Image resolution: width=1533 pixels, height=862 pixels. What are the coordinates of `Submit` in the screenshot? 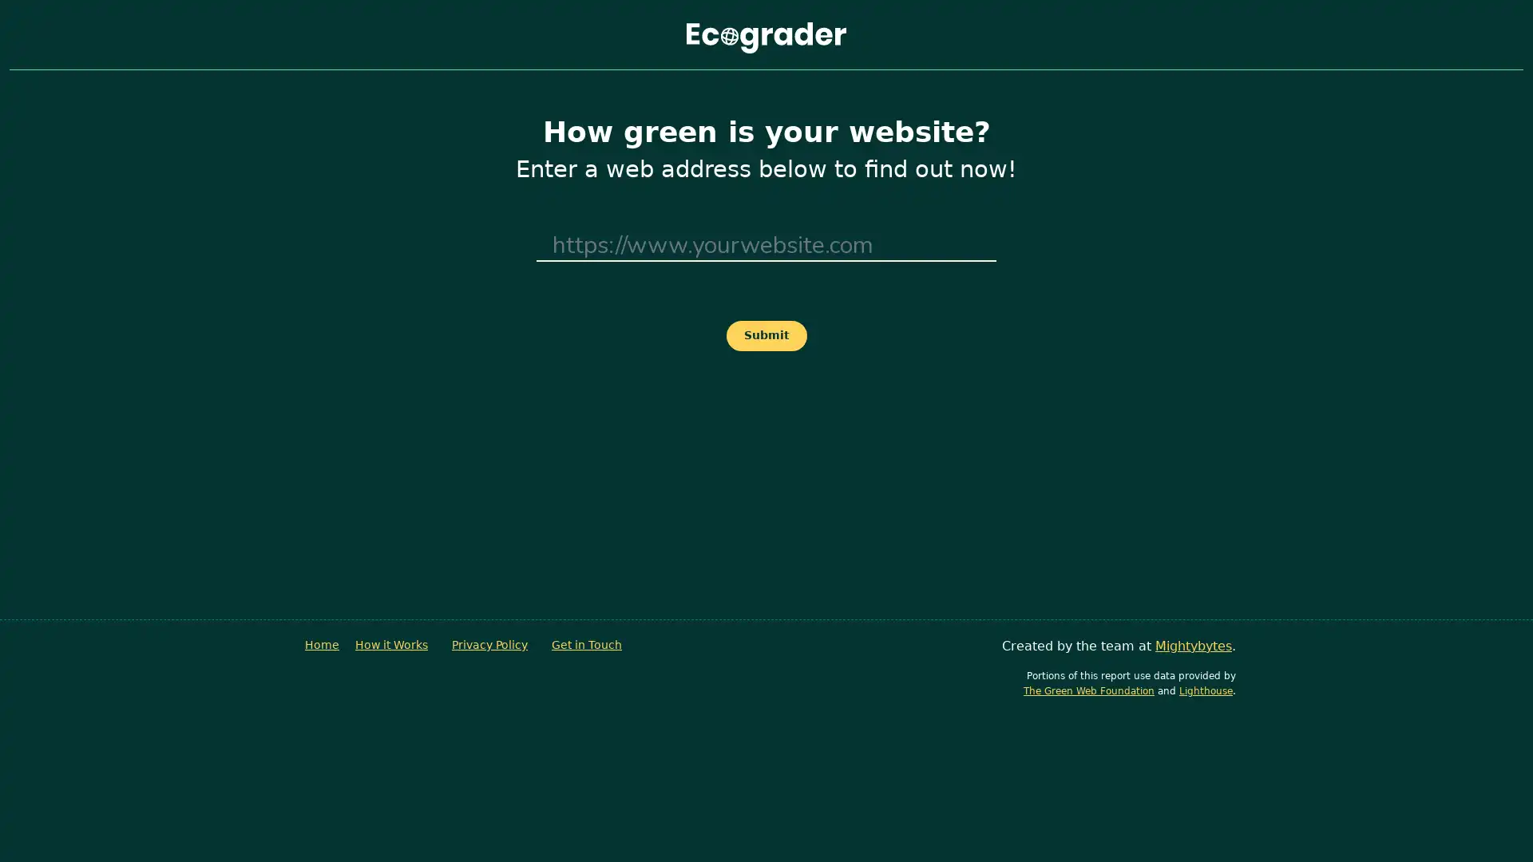 It's located at (765, 334).